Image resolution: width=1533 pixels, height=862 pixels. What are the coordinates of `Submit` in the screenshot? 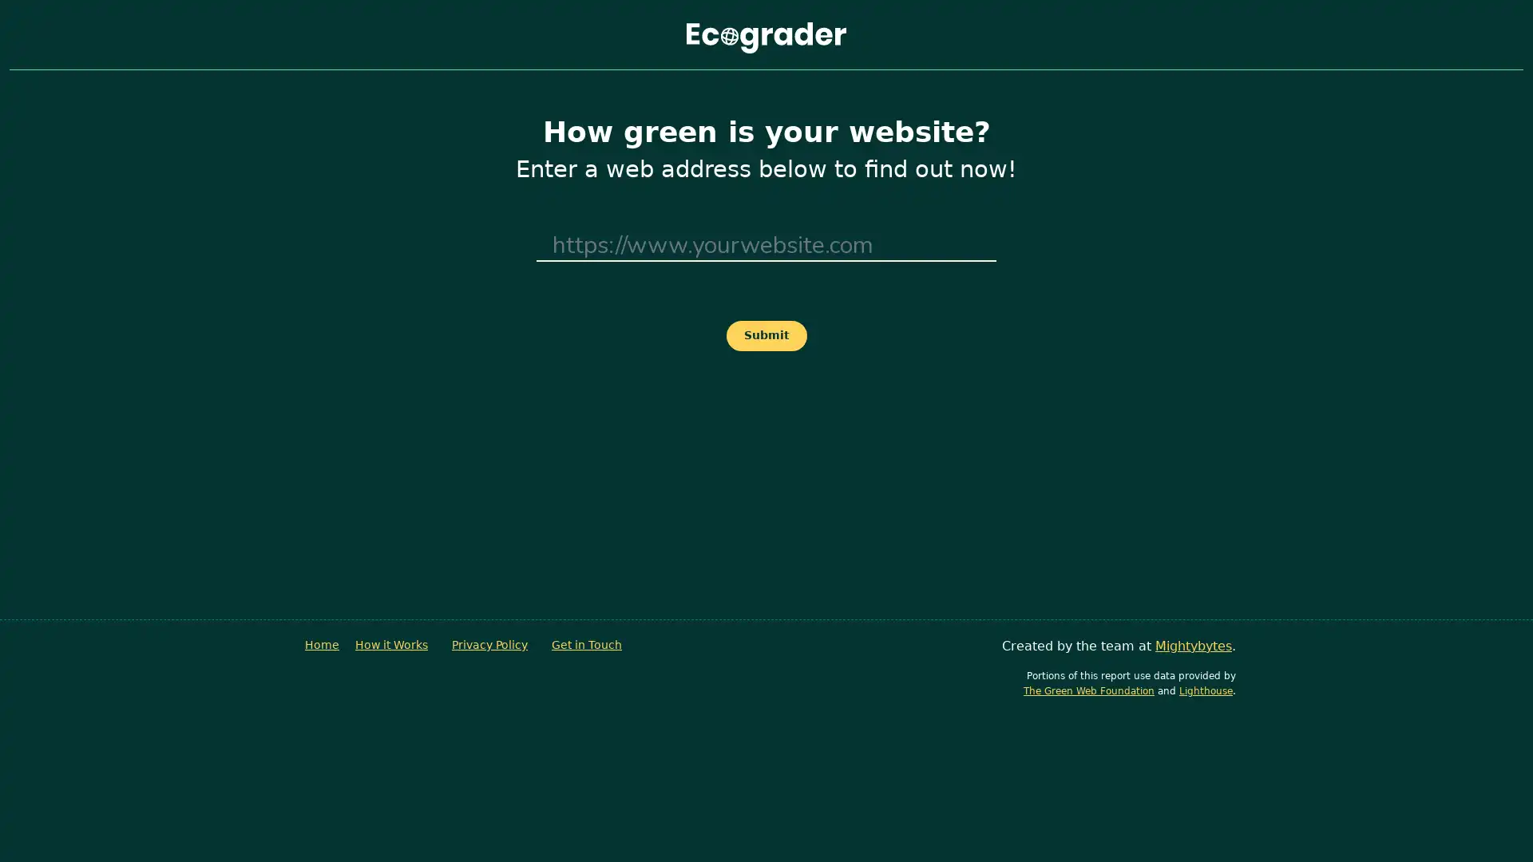 It's located at (765, 334).